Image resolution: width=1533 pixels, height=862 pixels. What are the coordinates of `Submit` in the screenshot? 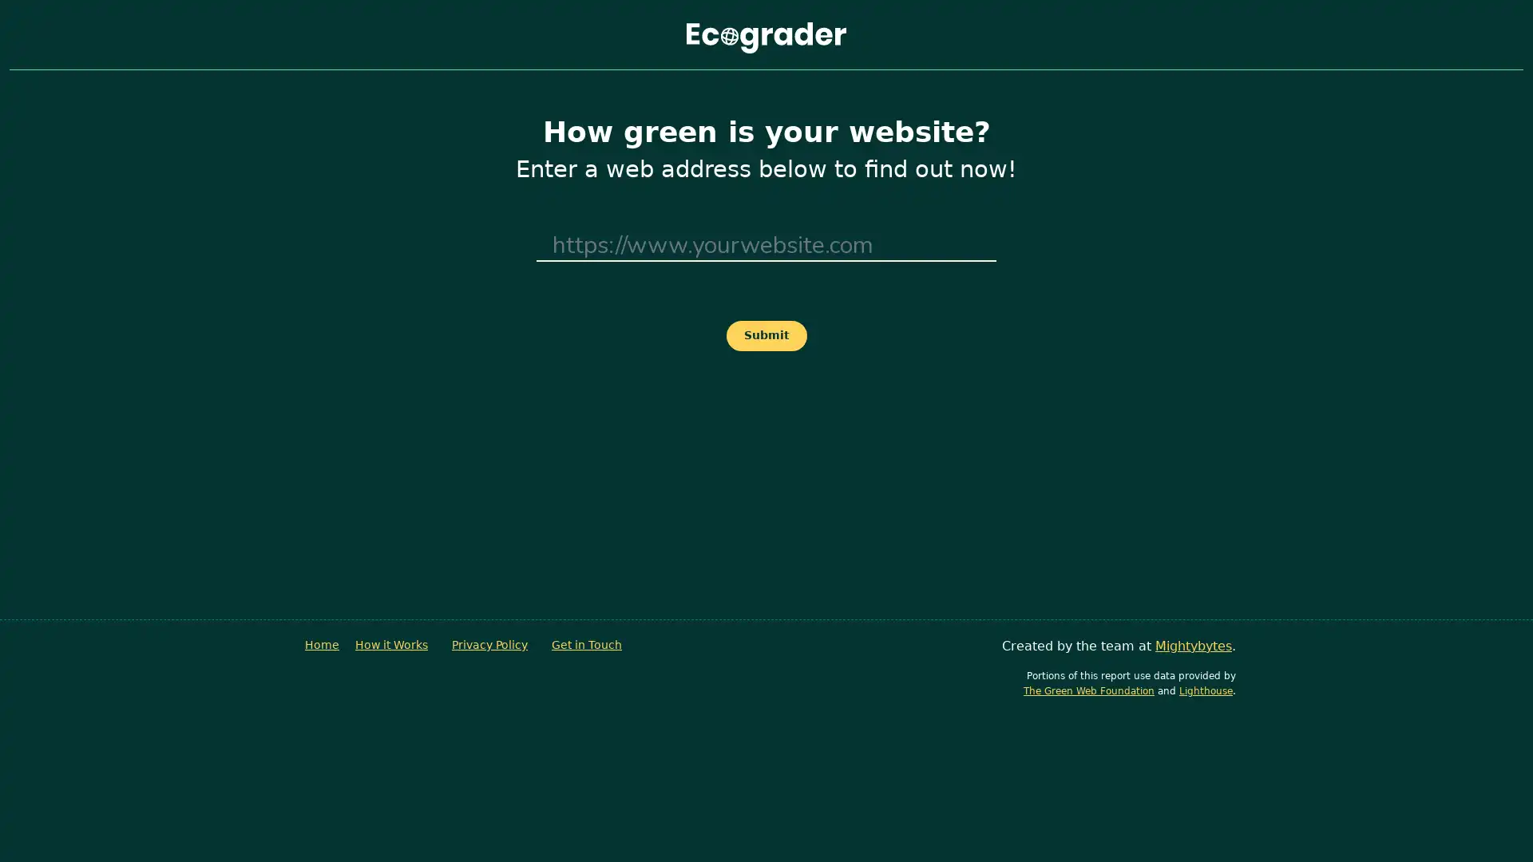 It's located at (765, 334).